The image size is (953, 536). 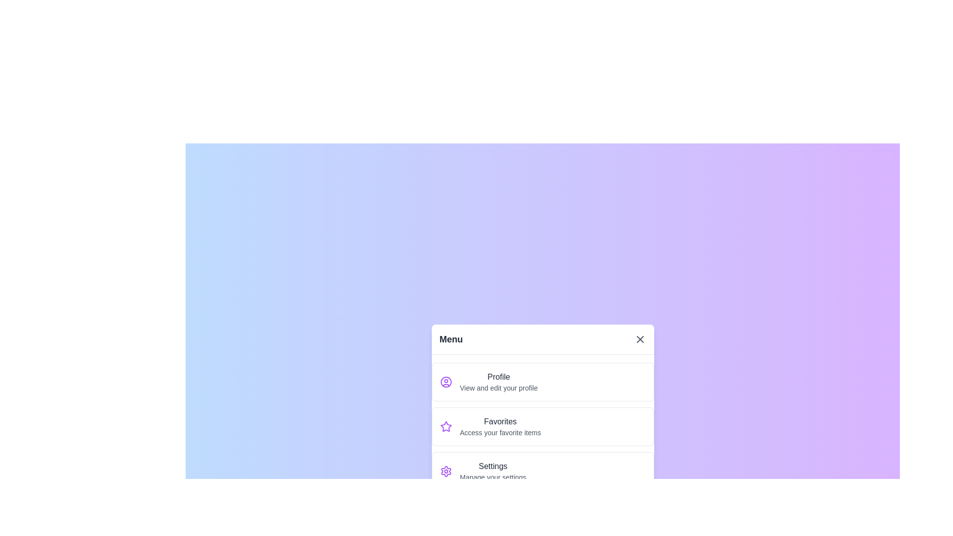 I want to click on toggle button to change the menu visibility, so click(x=640, y=338).